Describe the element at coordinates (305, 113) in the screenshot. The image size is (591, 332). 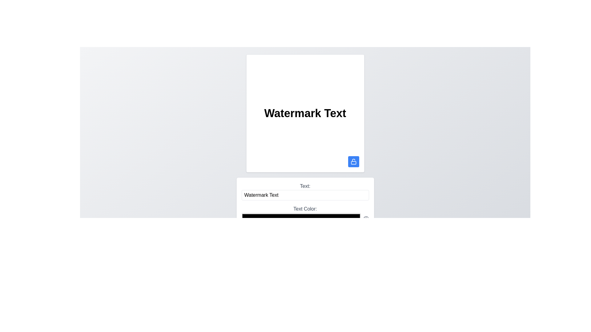
I see `the watermark preview box, which is located near the center of the interface above the 'Text:' and 'Text Color:' input fields` at that location.